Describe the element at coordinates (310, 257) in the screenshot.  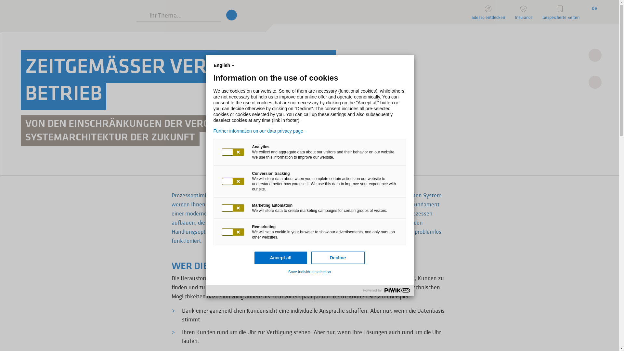
I see `'Decline'` at that location.